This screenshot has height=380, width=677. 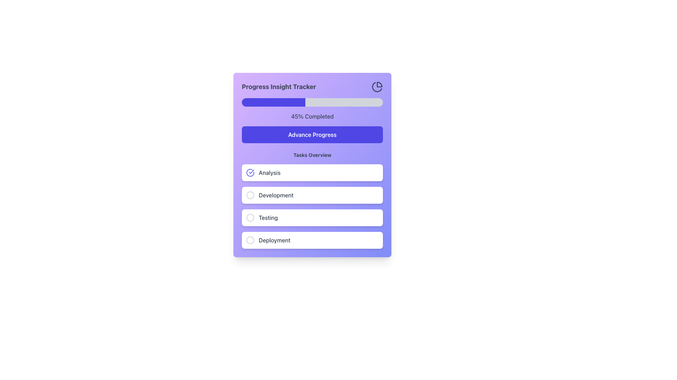 What do you see at coordinates (250, 240) in the screenshot?
I see `the unselected circular icon indicator for the 'Deployment' task to mark it as complete` at bounding box center [250, 240].